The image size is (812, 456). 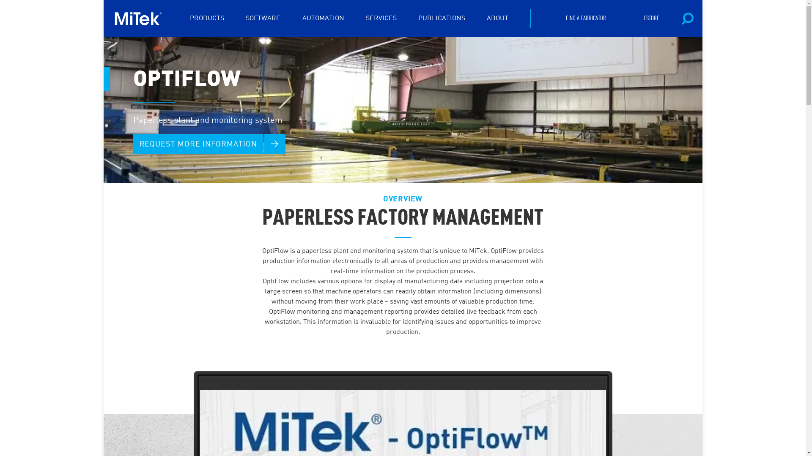 What do you see at coordinates (441, 18) in the screenshot?
I see `'PUBLICATIONS'` at bounding box center [441, 18].